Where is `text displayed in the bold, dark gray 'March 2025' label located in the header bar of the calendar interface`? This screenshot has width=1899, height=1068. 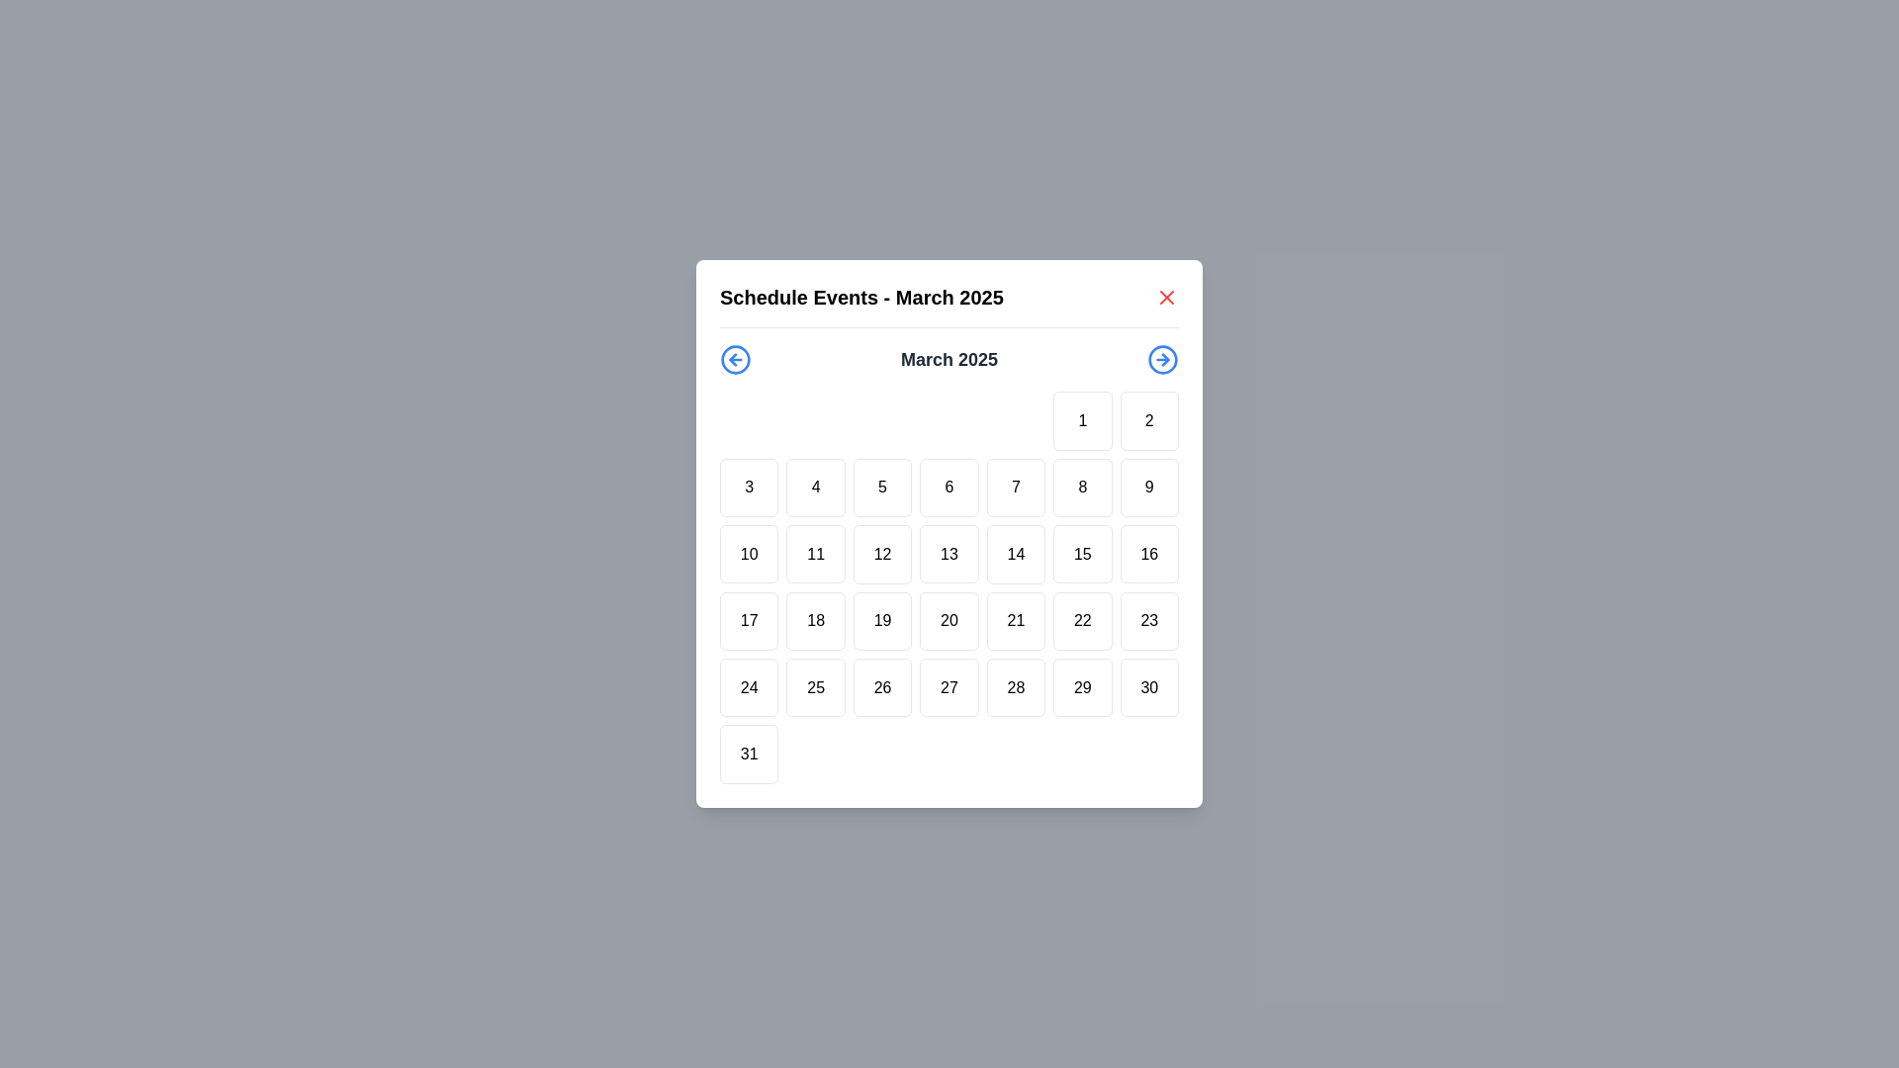
text displayed in the bold, dark gray 'March 2025' label located in the header bar of the calendar interface is located at coordinates (949, 359).